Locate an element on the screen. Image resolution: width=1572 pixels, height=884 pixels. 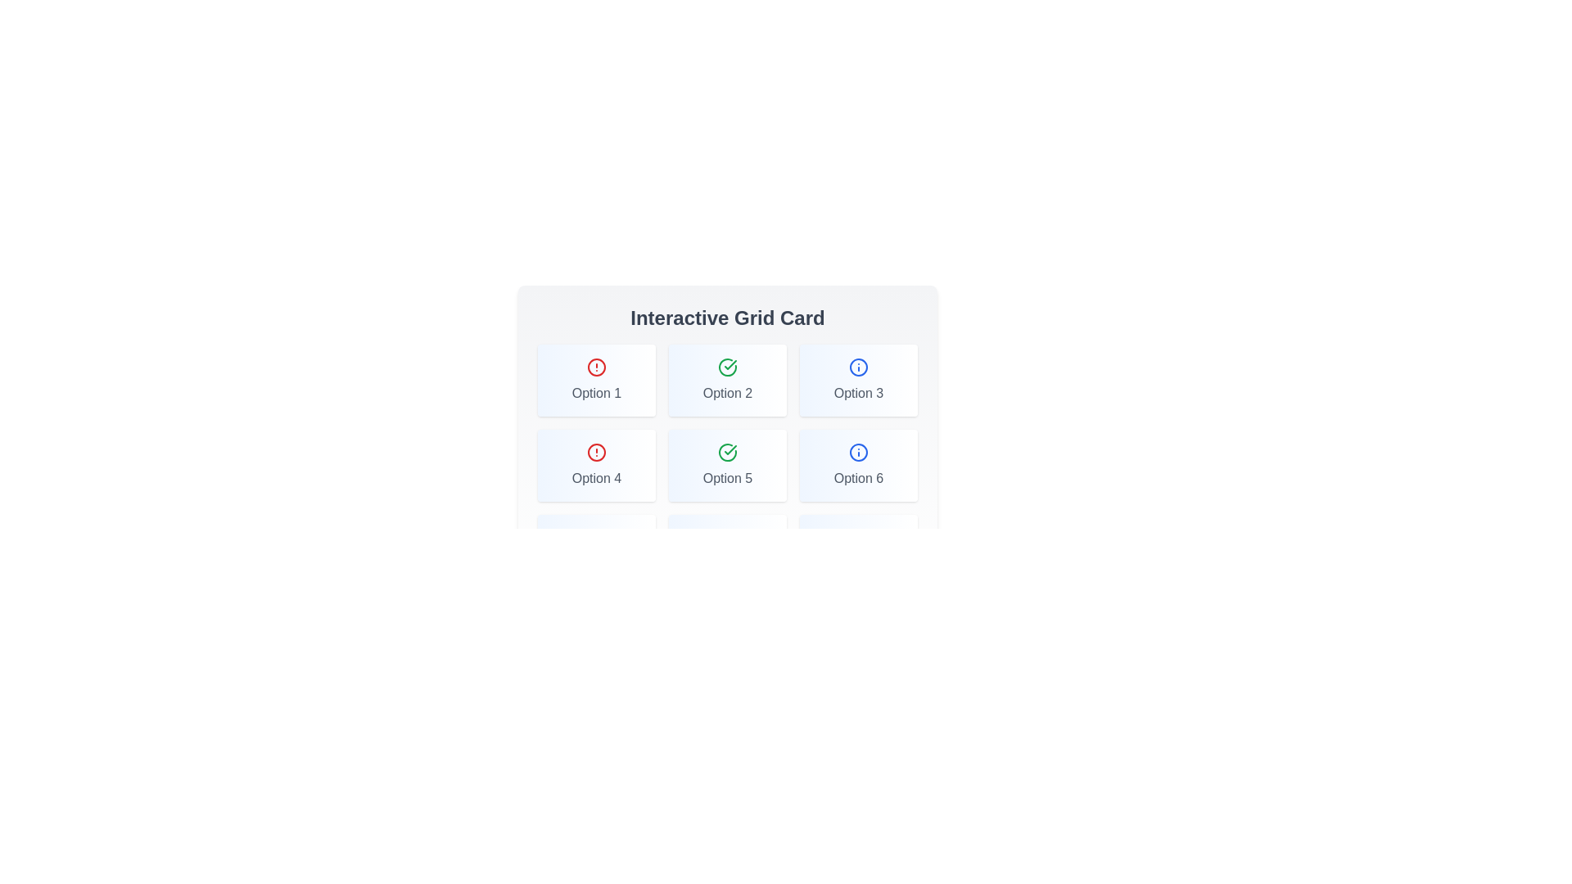
the Circle (SVG) element which serves as a visual indicator for the alert status of 'Option 4' in the grid layout under the 'Interactive Grid Card' is located at coordinates (596, 452).